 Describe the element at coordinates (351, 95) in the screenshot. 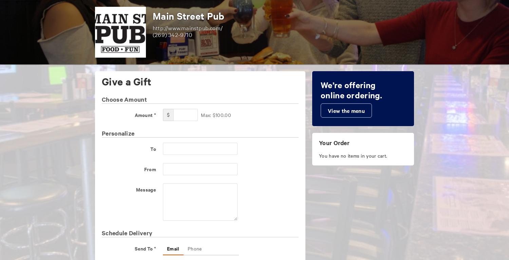

I see `'online ordering.'` at that location.